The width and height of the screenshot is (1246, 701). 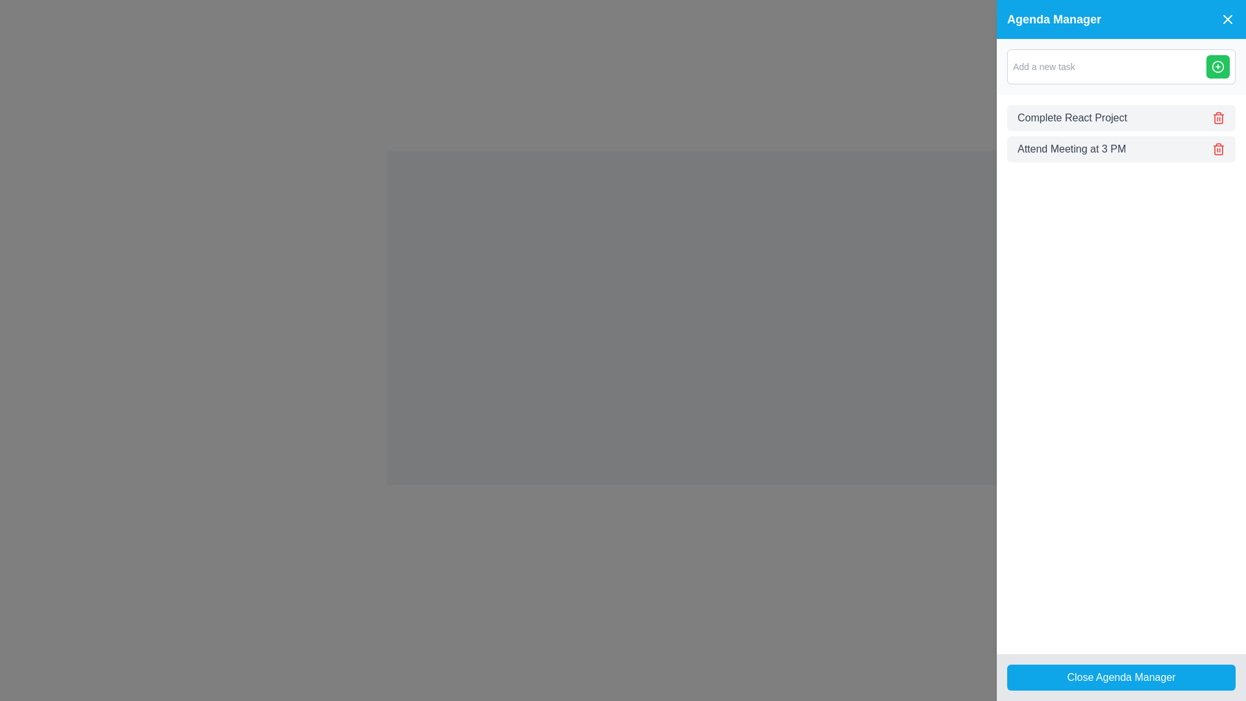 What do you see at coordinates (1217, 117) in the screenshot?
I see `the delete icon button located at the far right side of the task item labeled 'Complete React Project'` at bounding box center [1217, 117].